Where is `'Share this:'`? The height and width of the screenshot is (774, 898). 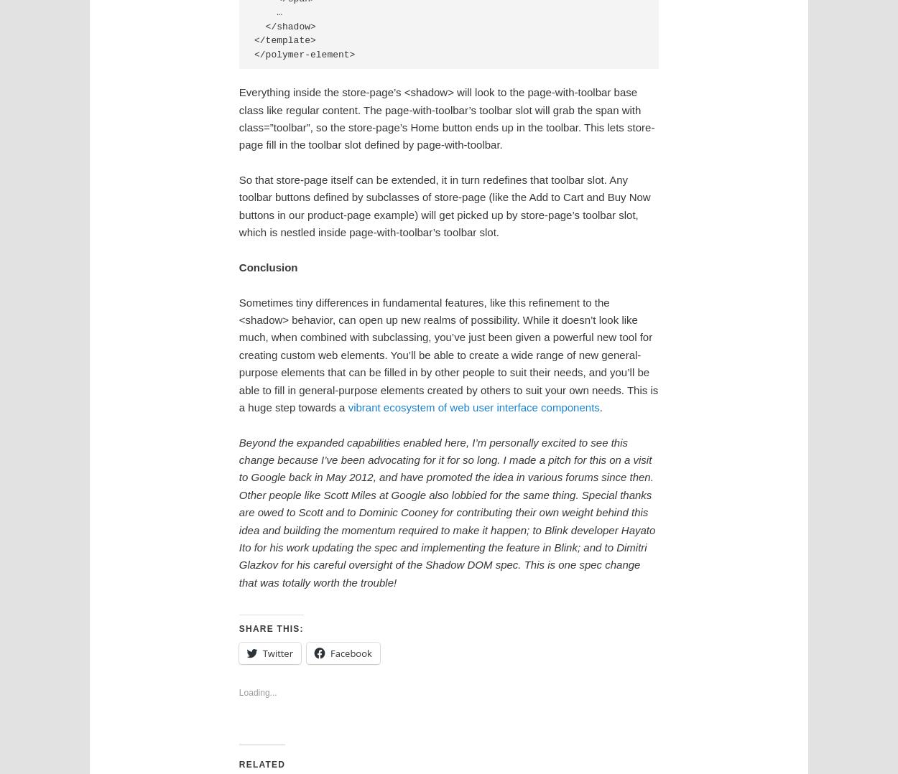
'Share this:' is located at coordinates (271, 628).